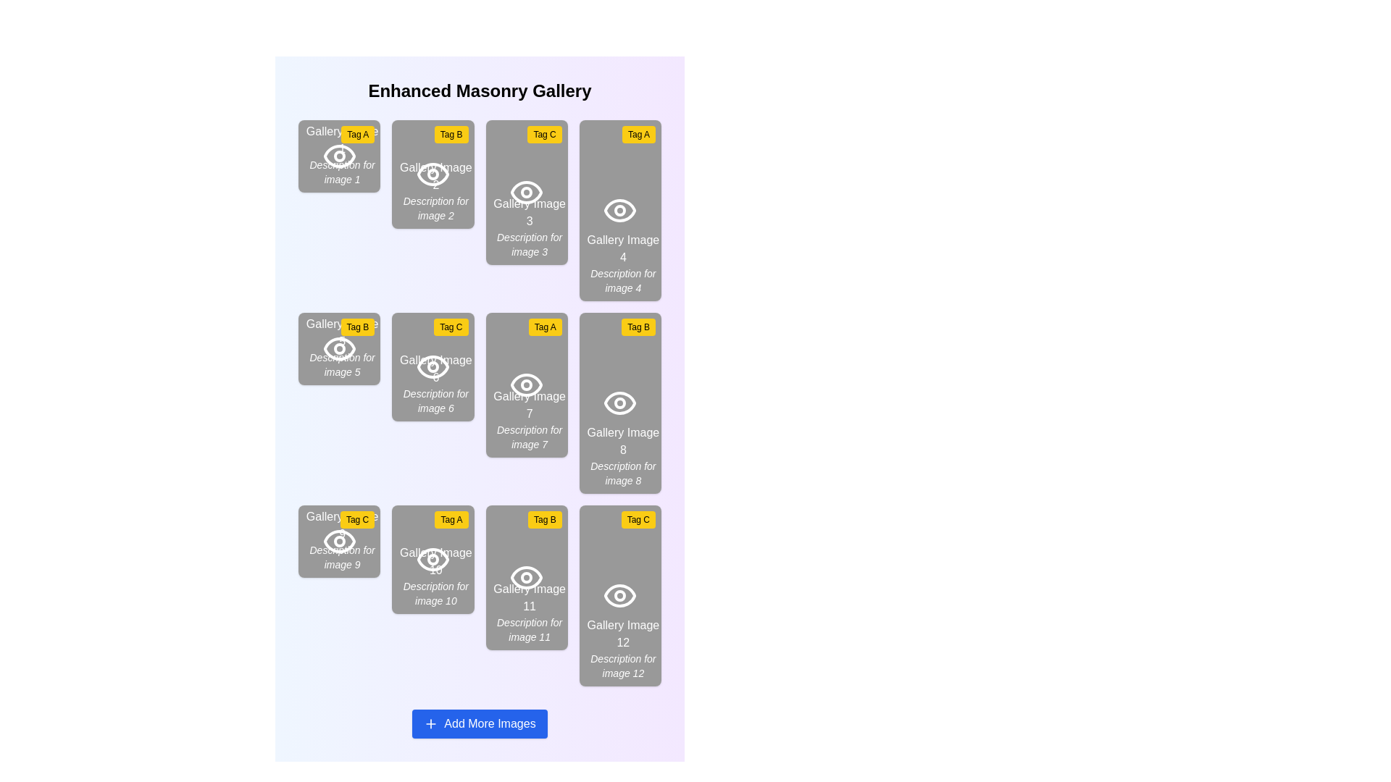 The height and width of the screenshot is (782, 1391). Describe the element at coordinates (620, 210) in the screenshot. I see `the decorative circle representing the iris or pupil of the eye icon located in the 'Gallery Image 4' section` at that location.